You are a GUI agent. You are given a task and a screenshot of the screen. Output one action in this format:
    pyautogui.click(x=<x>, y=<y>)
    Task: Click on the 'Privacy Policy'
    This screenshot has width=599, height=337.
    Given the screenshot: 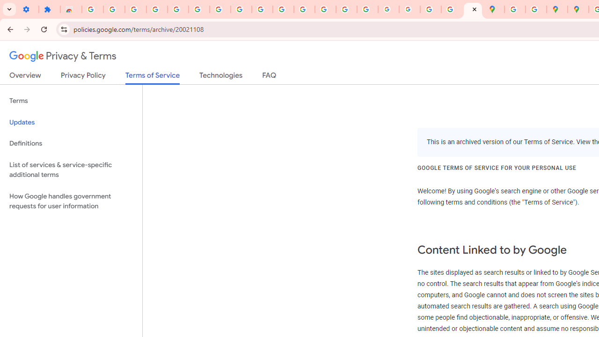 What is the action you would take?
    pyautogui.click(x=83, y=77)
    